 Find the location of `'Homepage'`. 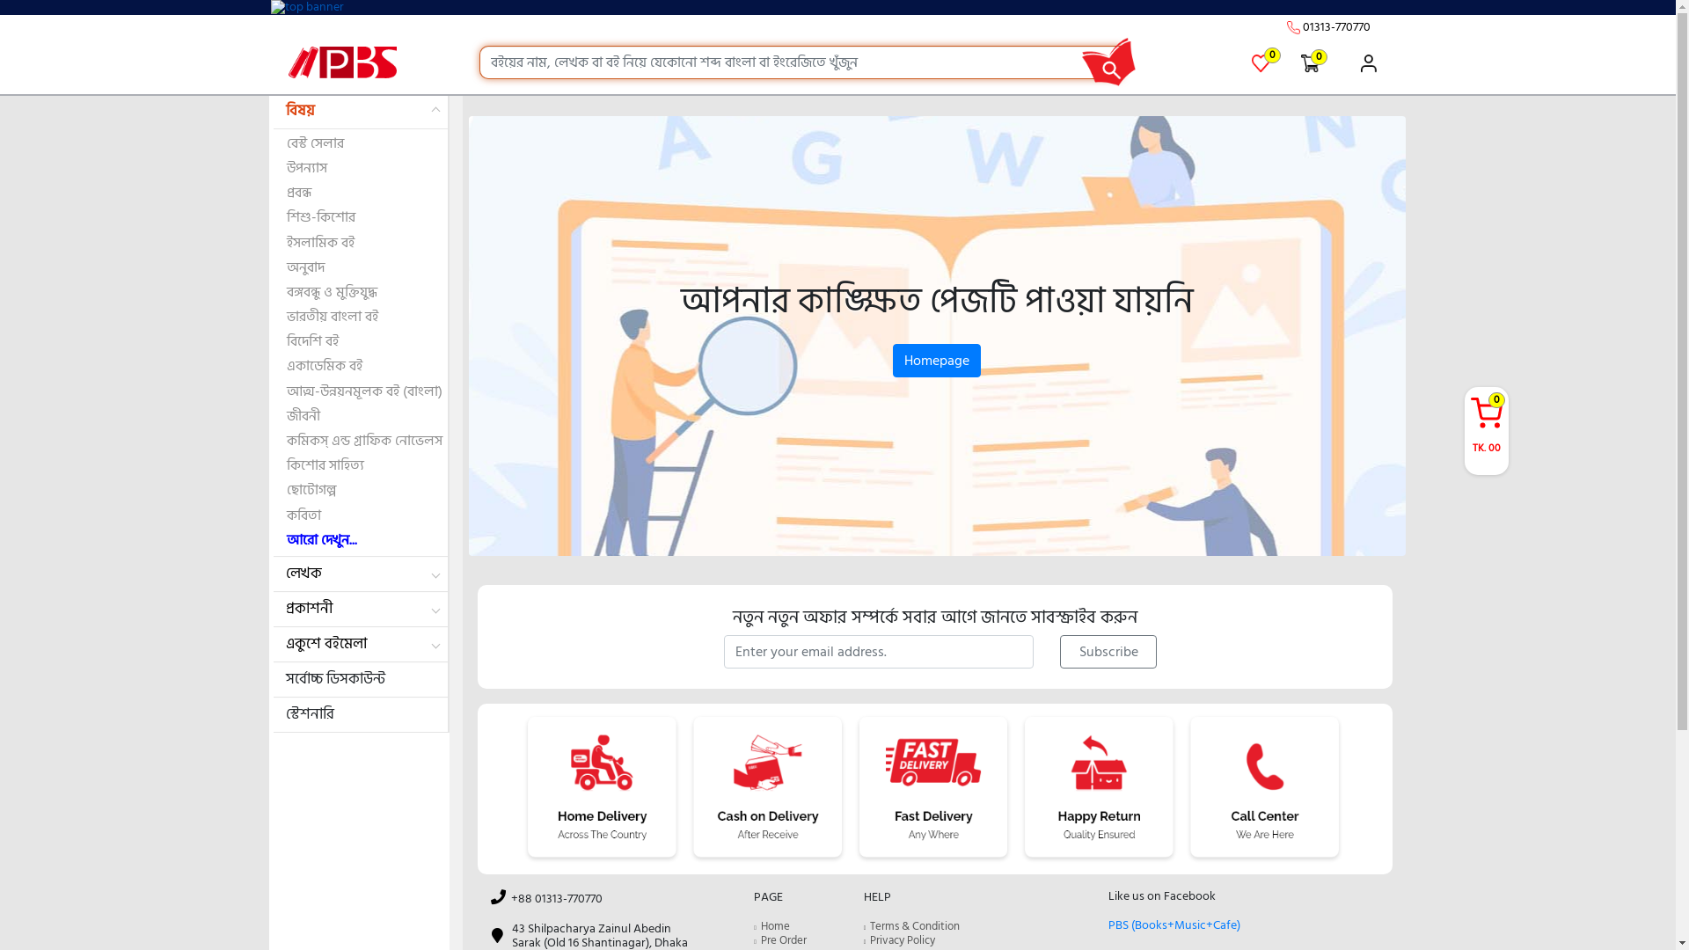

'Homepage' is located at coordinates (936, 359).